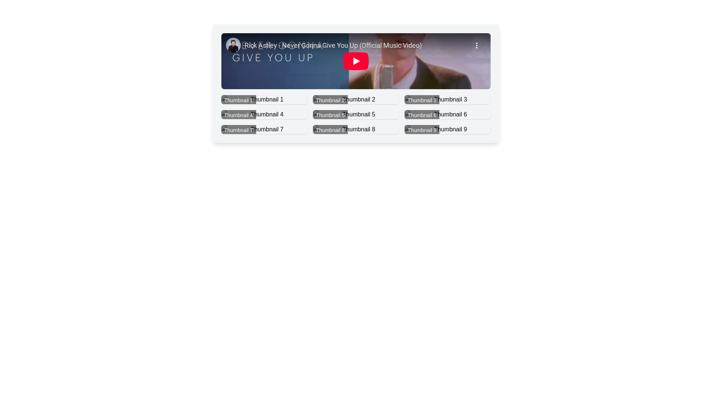  What do you see at coordinates (447, 129) in the screenshot?
I see `the thumbnail with the text overlay 'Thumbnail 9' located in the bottom right corner of the 3x3 grid` at bounding box center [447, 129].